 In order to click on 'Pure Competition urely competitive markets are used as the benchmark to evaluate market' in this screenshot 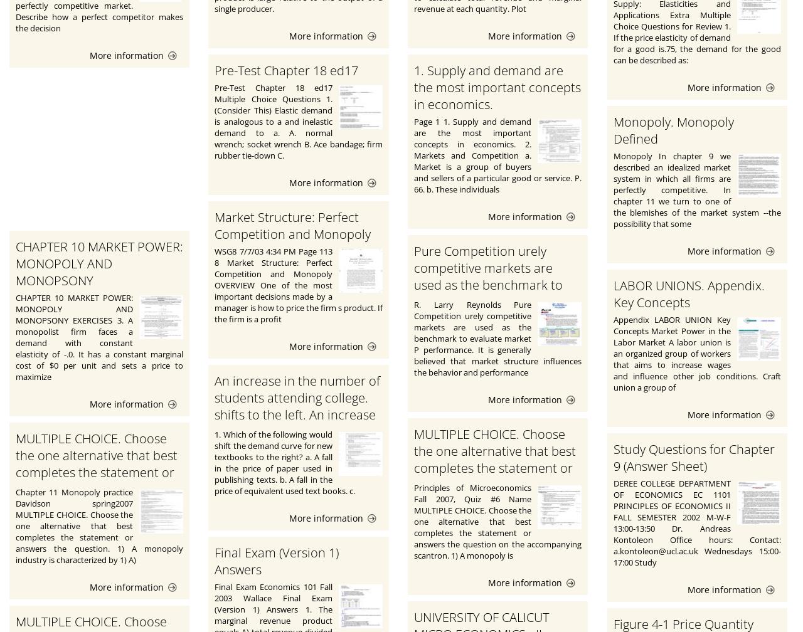, I will do `click(487, 276)`.